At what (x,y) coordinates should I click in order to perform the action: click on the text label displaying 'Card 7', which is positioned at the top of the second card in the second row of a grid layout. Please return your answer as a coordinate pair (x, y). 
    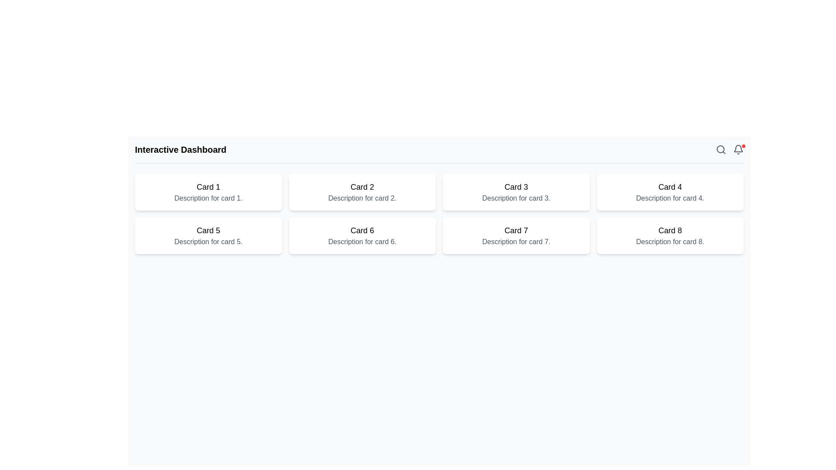
    Looking at the image, I should click on (516, 230).